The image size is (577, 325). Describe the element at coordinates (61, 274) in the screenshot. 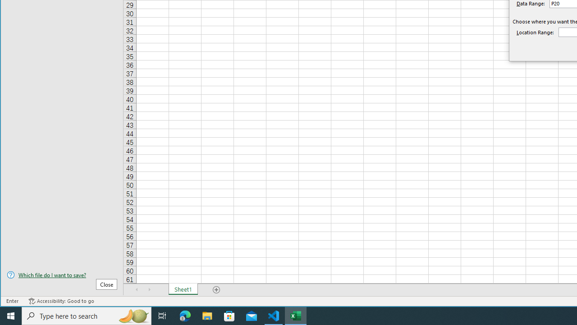

I see `'Which file do I want to save?'` at that location.